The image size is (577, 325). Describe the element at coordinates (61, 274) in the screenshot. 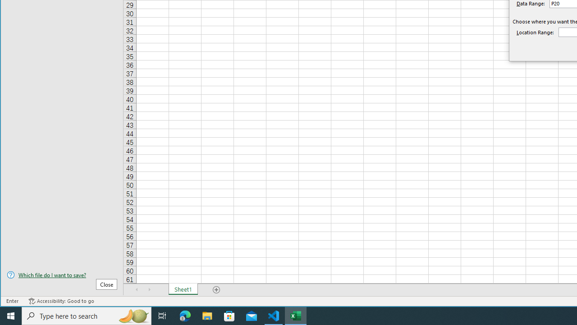

I see `'Which file do I want to save?'` at that location.